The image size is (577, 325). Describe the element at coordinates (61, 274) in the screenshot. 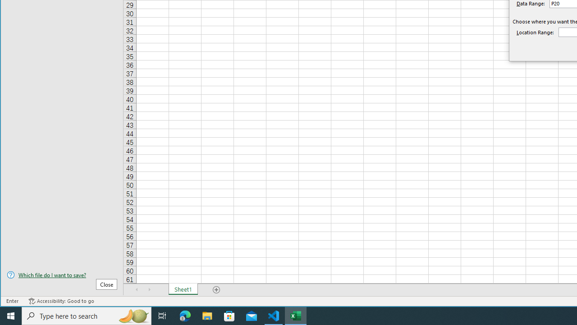

I see `'Which file do I want to save?'` at that location.